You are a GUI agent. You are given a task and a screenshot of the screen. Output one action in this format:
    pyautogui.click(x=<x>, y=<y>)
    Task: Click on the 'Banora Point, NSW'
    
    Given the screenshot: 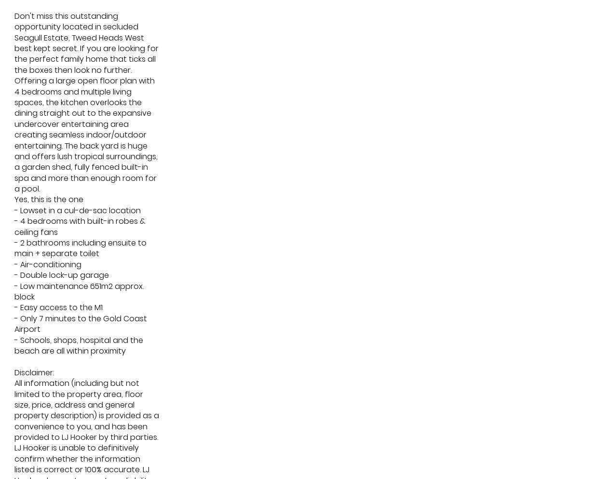 What is the action you would take?
    pyautogui.click(x=344, y=229)
    